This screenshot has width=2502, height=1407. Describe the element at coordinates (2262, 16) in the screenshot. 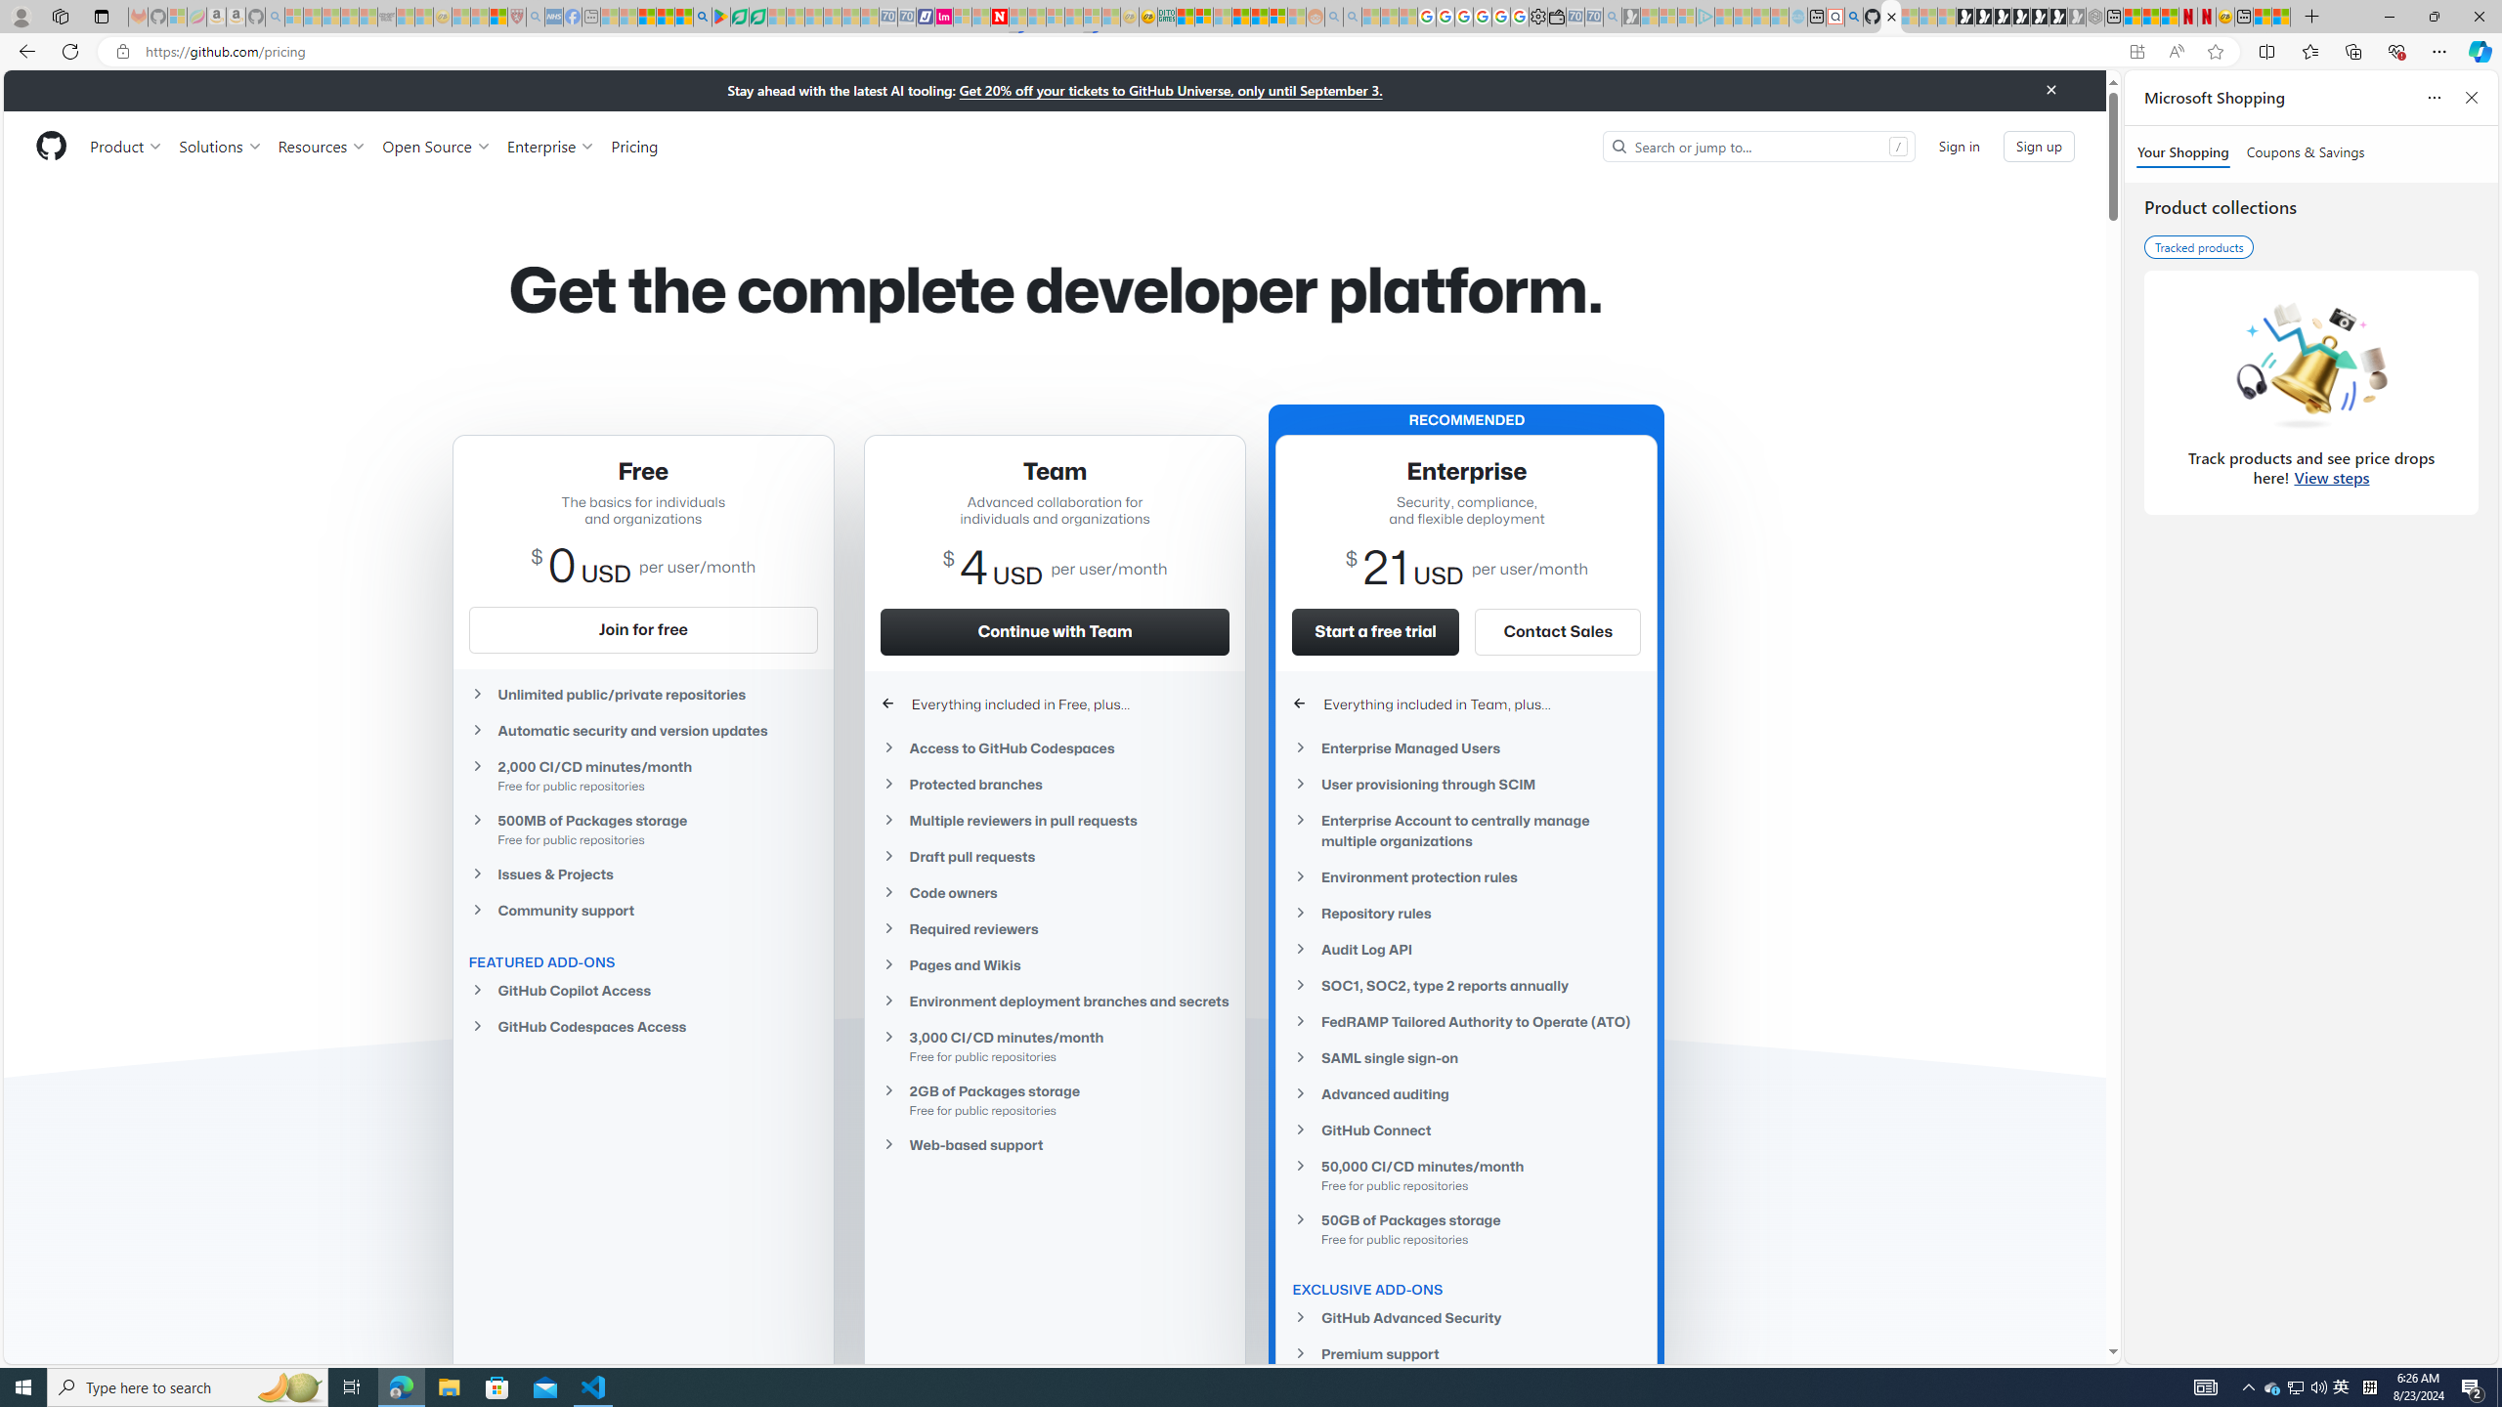

I see `'Wildlife - MSN'` at that location.